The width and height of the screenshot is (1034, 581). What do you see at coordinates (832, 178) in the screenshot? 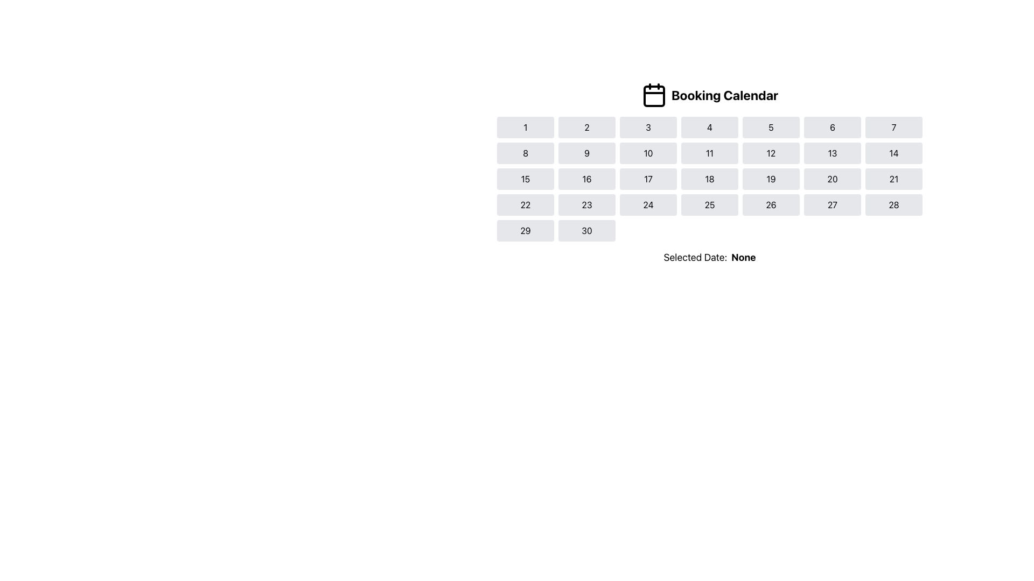
I see `the button with the number '20' in the third row and sixth column of the calendar grid` at bounding box center [832, 178].